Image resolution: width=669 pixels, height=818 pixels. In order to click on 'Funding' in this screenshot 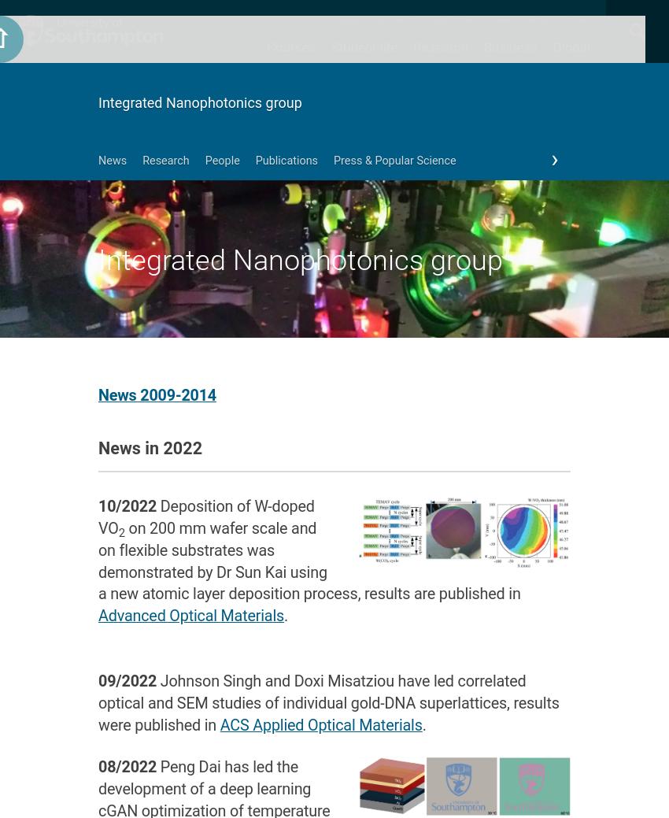, I will do `click(437, 202)`.